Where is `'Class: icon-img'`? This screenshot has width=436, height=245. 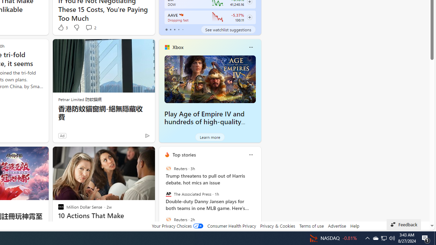 'Class: icon-img' is located at coordinates (250, 155).